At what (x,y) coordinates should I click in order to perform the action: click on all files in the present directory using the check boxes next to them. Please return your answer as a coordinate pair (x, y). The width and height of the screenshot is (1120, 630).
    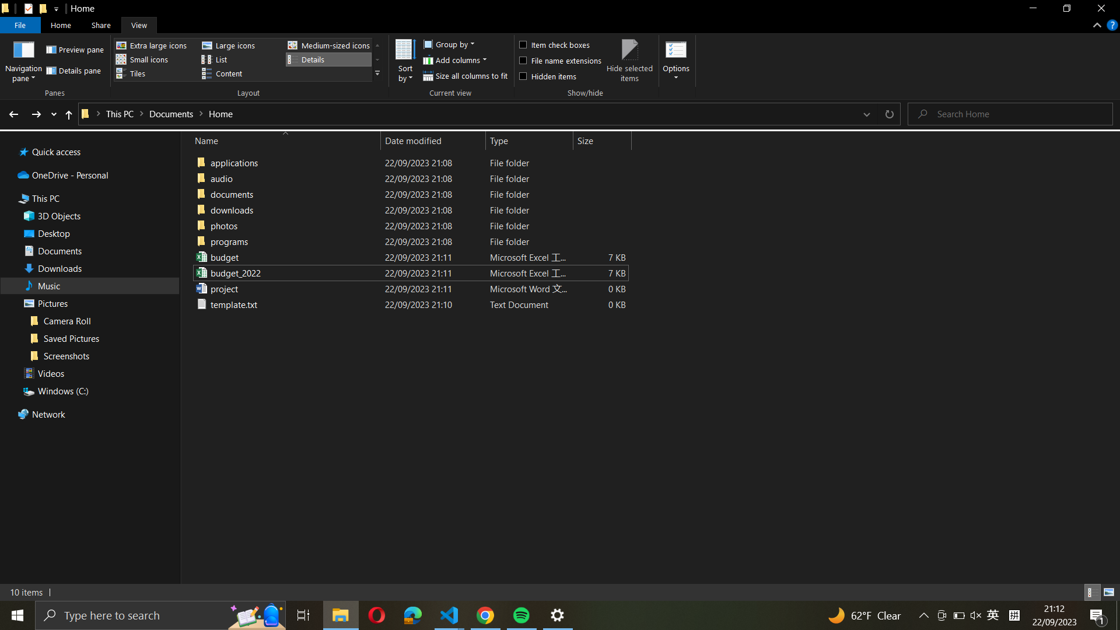
    Looking at the image, I should click on (558, 43).